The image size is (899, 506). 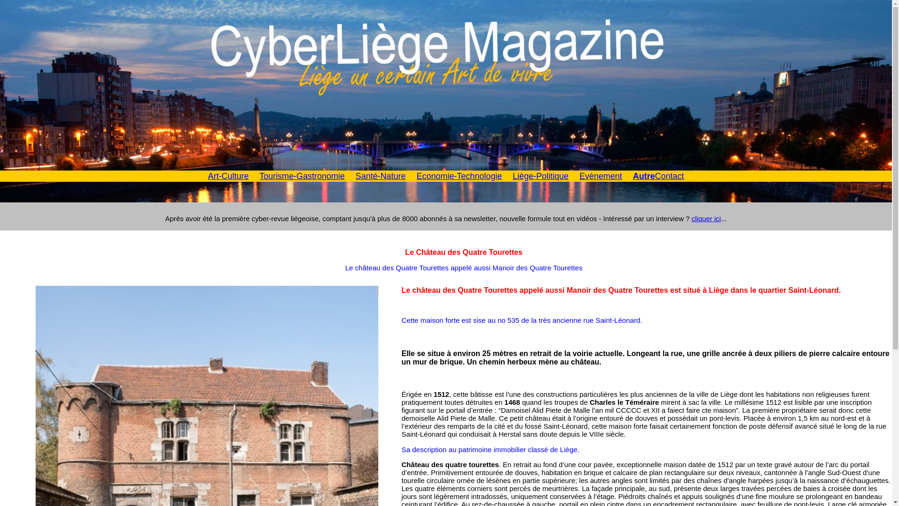 What do you see at coordinates (259, 176) in the screenshot?
I see `'Tourisme-Gastronomie'` at bounding box center [259, 176].